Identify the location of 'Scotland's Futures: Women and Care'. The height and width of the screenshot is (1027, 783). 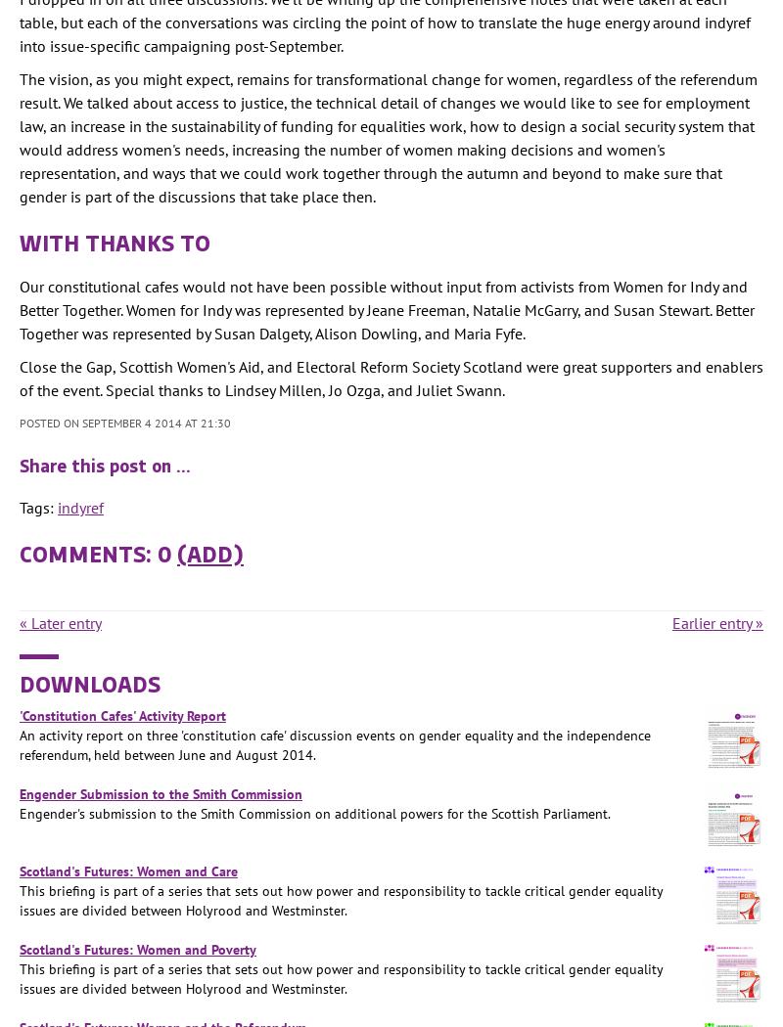
(127, 871).